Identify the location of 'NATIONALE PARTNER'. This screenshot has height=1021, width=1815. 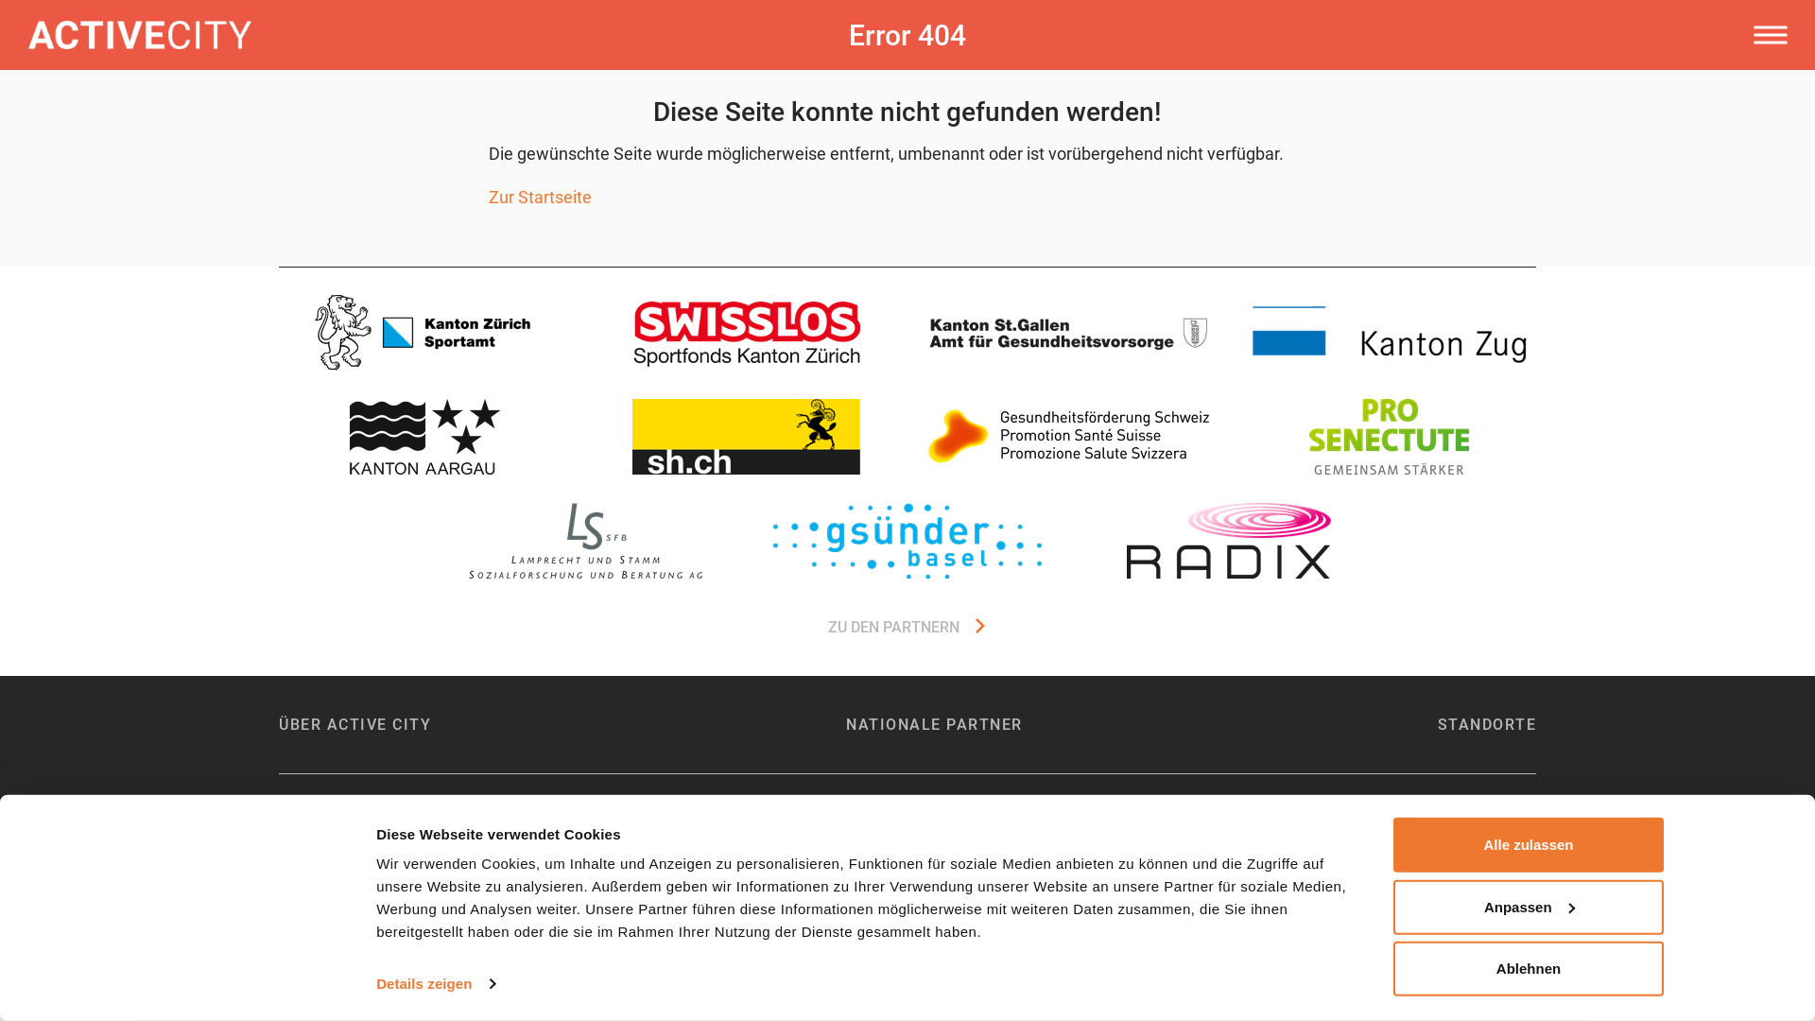
(934, 723).